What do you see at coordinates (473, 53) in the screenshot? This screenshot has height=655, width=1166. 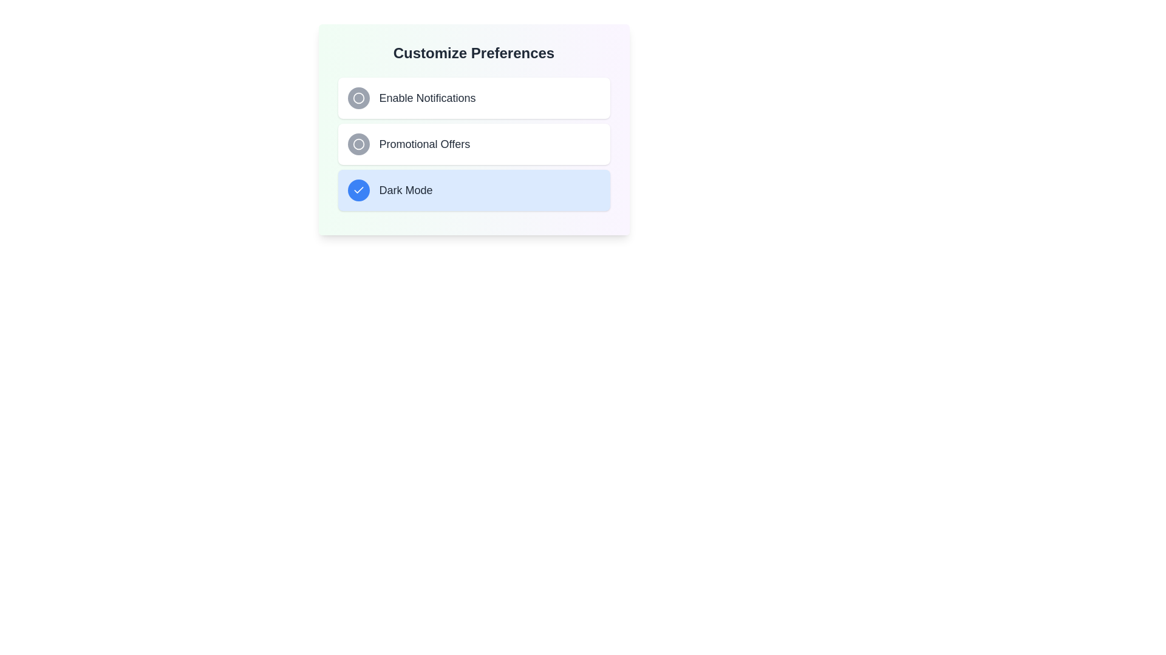 I see `the header text 'Customize Preferences'` at bounding box center [473, 53].